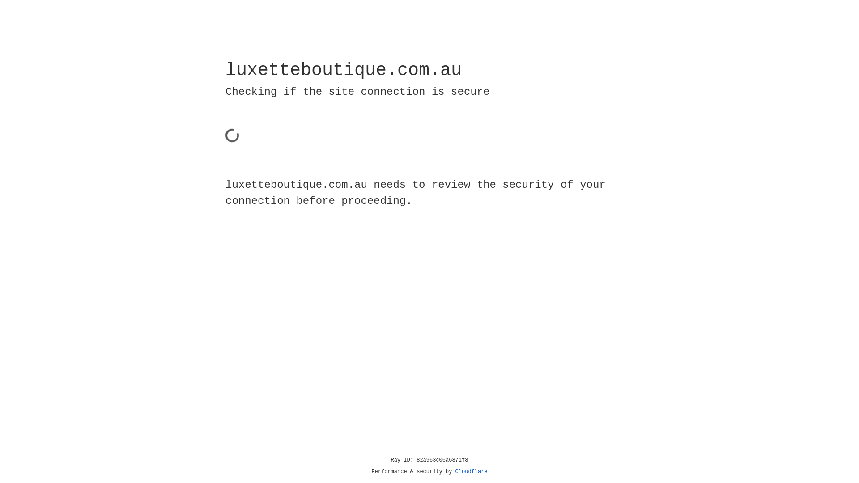 The width and height of the screenshot is (859, 483). I want to click on 'Cloudflare', so click(471, 471).